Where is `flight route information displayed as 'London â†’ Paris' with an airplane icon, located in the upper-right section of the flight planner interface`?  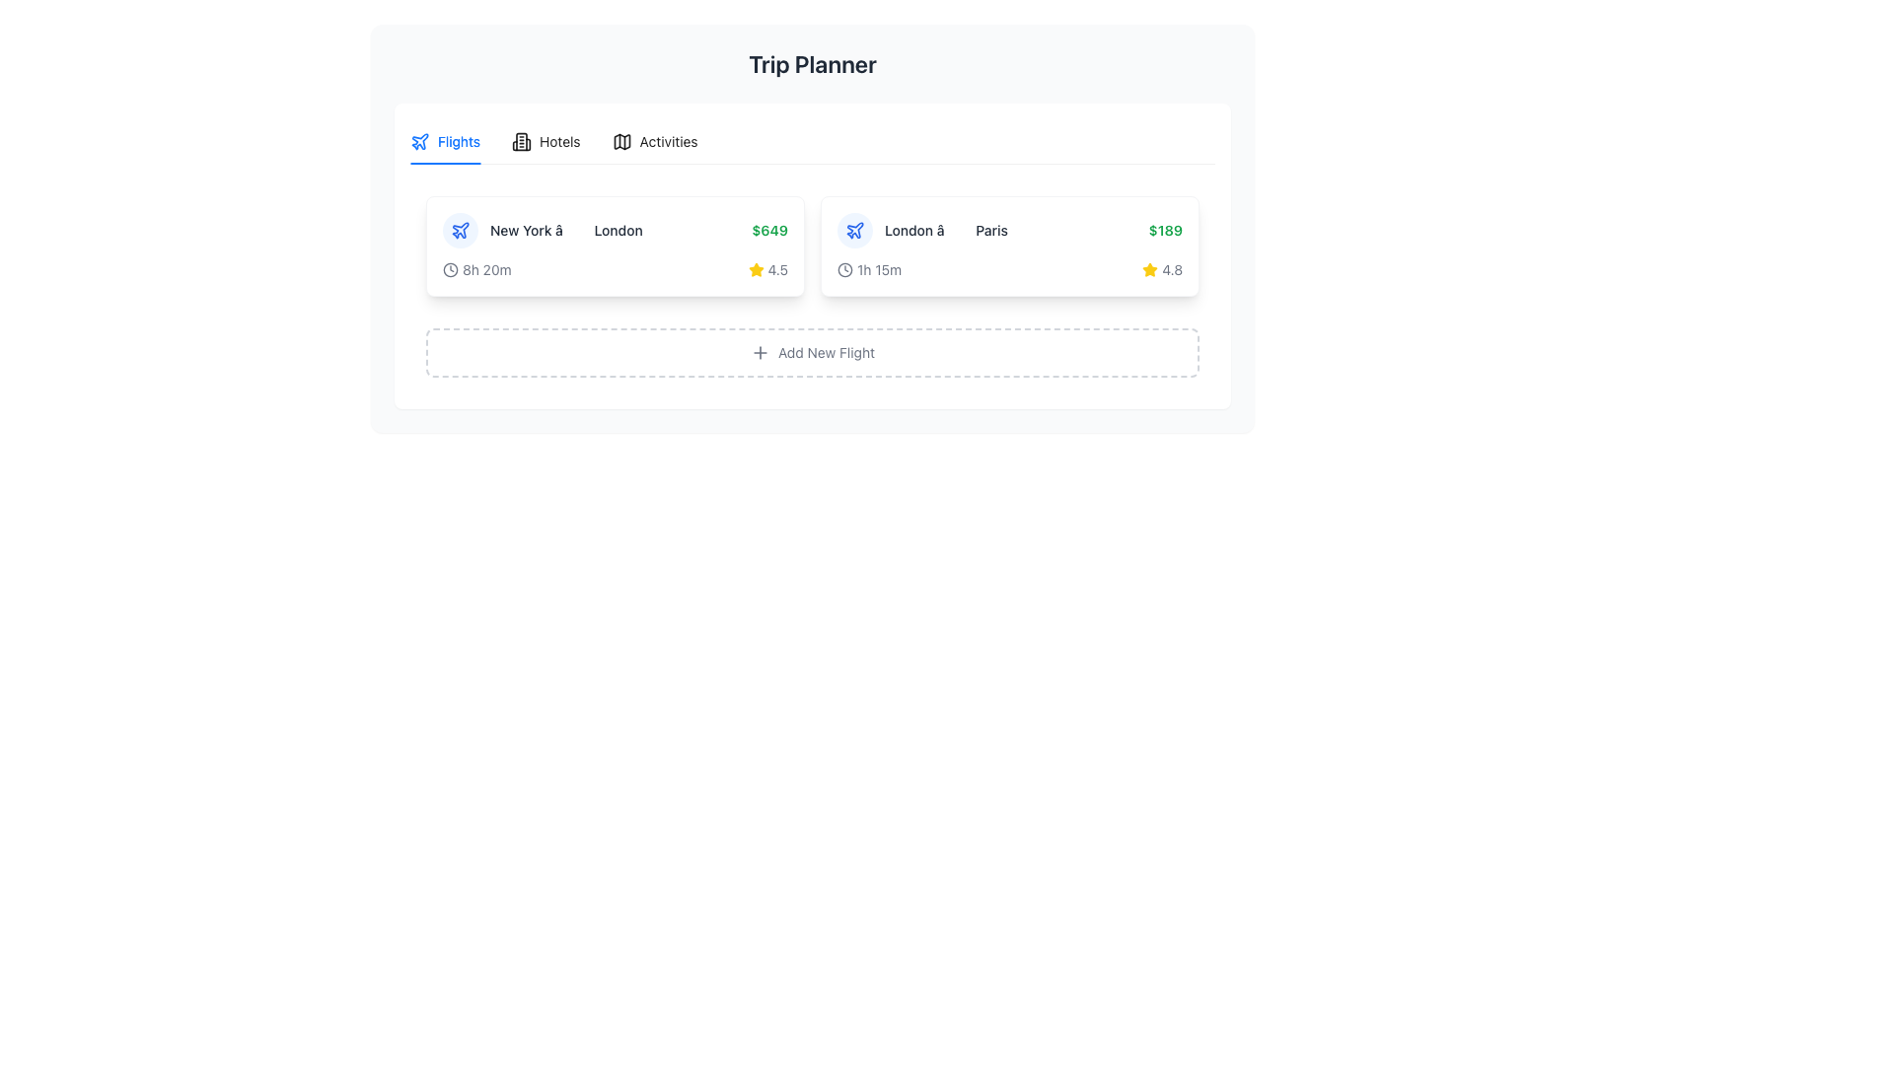
flight route information displayed as 'London â†’ Paris' with an airplane icon, located in the upper-right section of the flight planner interface is located at coordinates (921, 230).